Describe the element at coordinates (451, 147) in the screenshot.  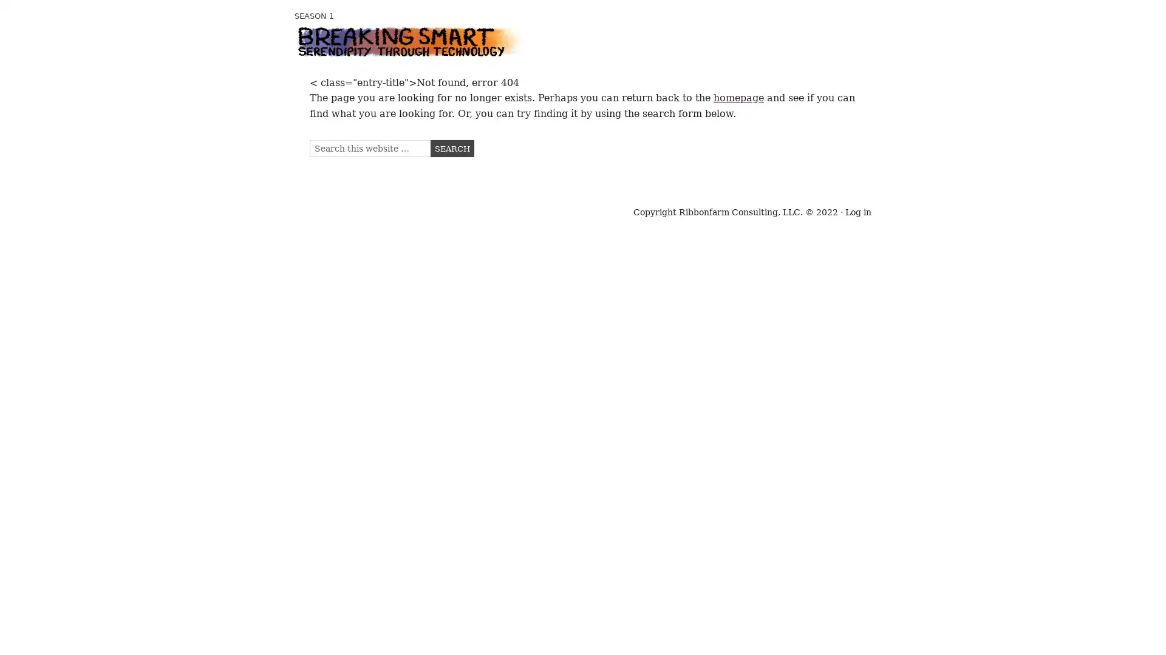
I see `Search` at that location.